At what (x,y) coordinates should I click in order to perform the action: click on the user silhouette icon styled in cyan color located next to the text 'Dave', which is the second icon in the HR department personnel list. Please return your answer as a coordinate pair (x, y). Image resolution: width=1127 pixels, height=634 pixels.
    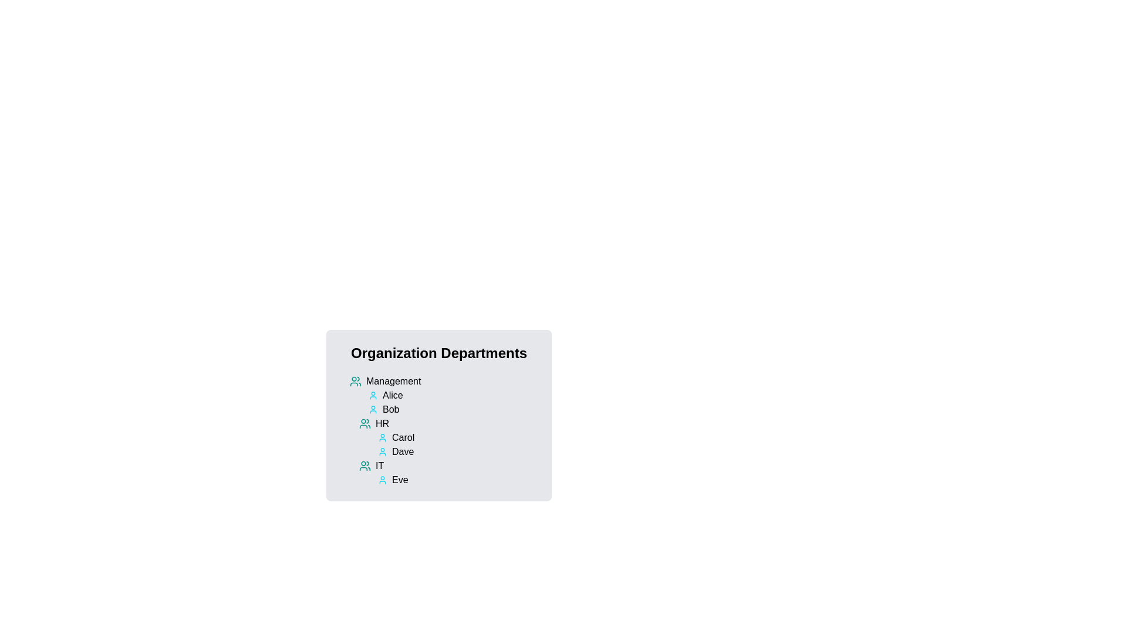
    Looking at the image, I should click on (383, 451).